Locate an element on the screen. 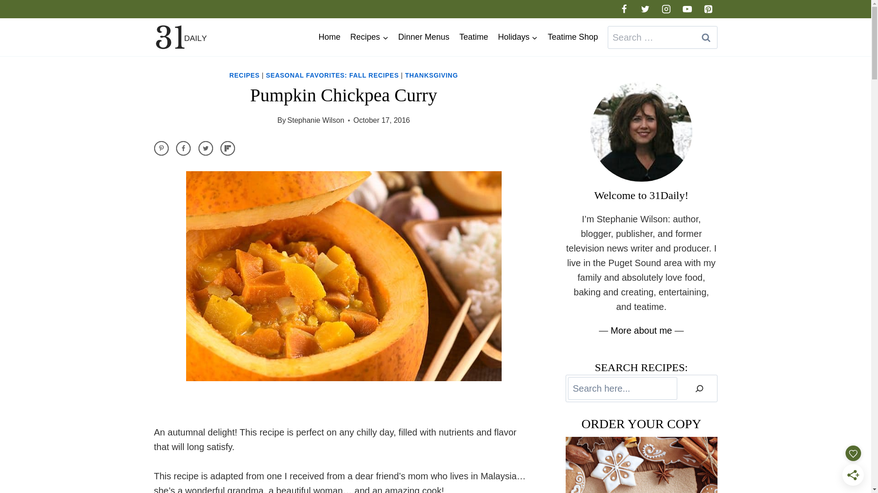 This screenshot has width=878, height=493. 'Teatime Shop' is located at coordinates (572, 37).